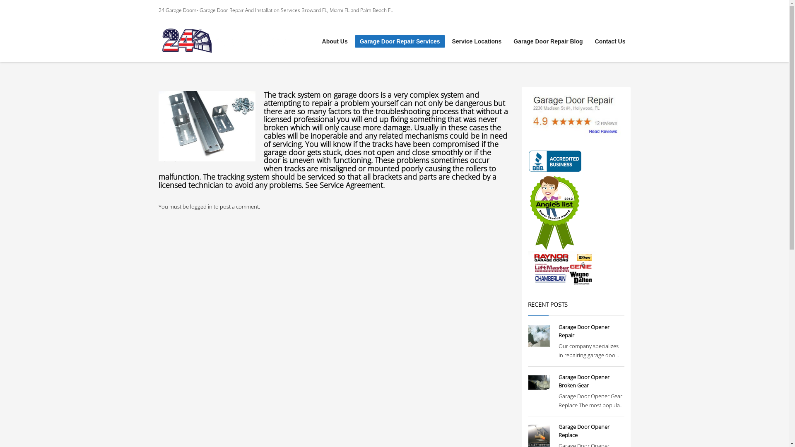  Describe the element at coordinates (400, 41) in the screenshot. I see `'Garage Door Repair Services'` at that location.